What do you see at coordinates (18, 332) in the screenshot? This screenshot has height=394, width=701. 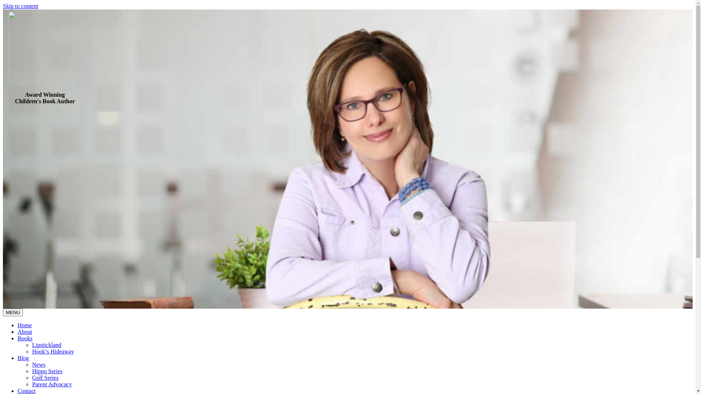 I see `'About'` at bounding box center [18, 332].